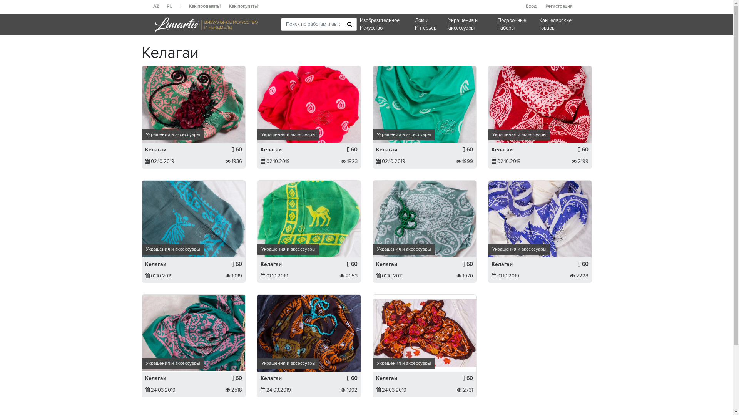  What do you see at coordinates (159, 6) in the screenshot?
I see `'AZ'` at bounding box center [159, 6].